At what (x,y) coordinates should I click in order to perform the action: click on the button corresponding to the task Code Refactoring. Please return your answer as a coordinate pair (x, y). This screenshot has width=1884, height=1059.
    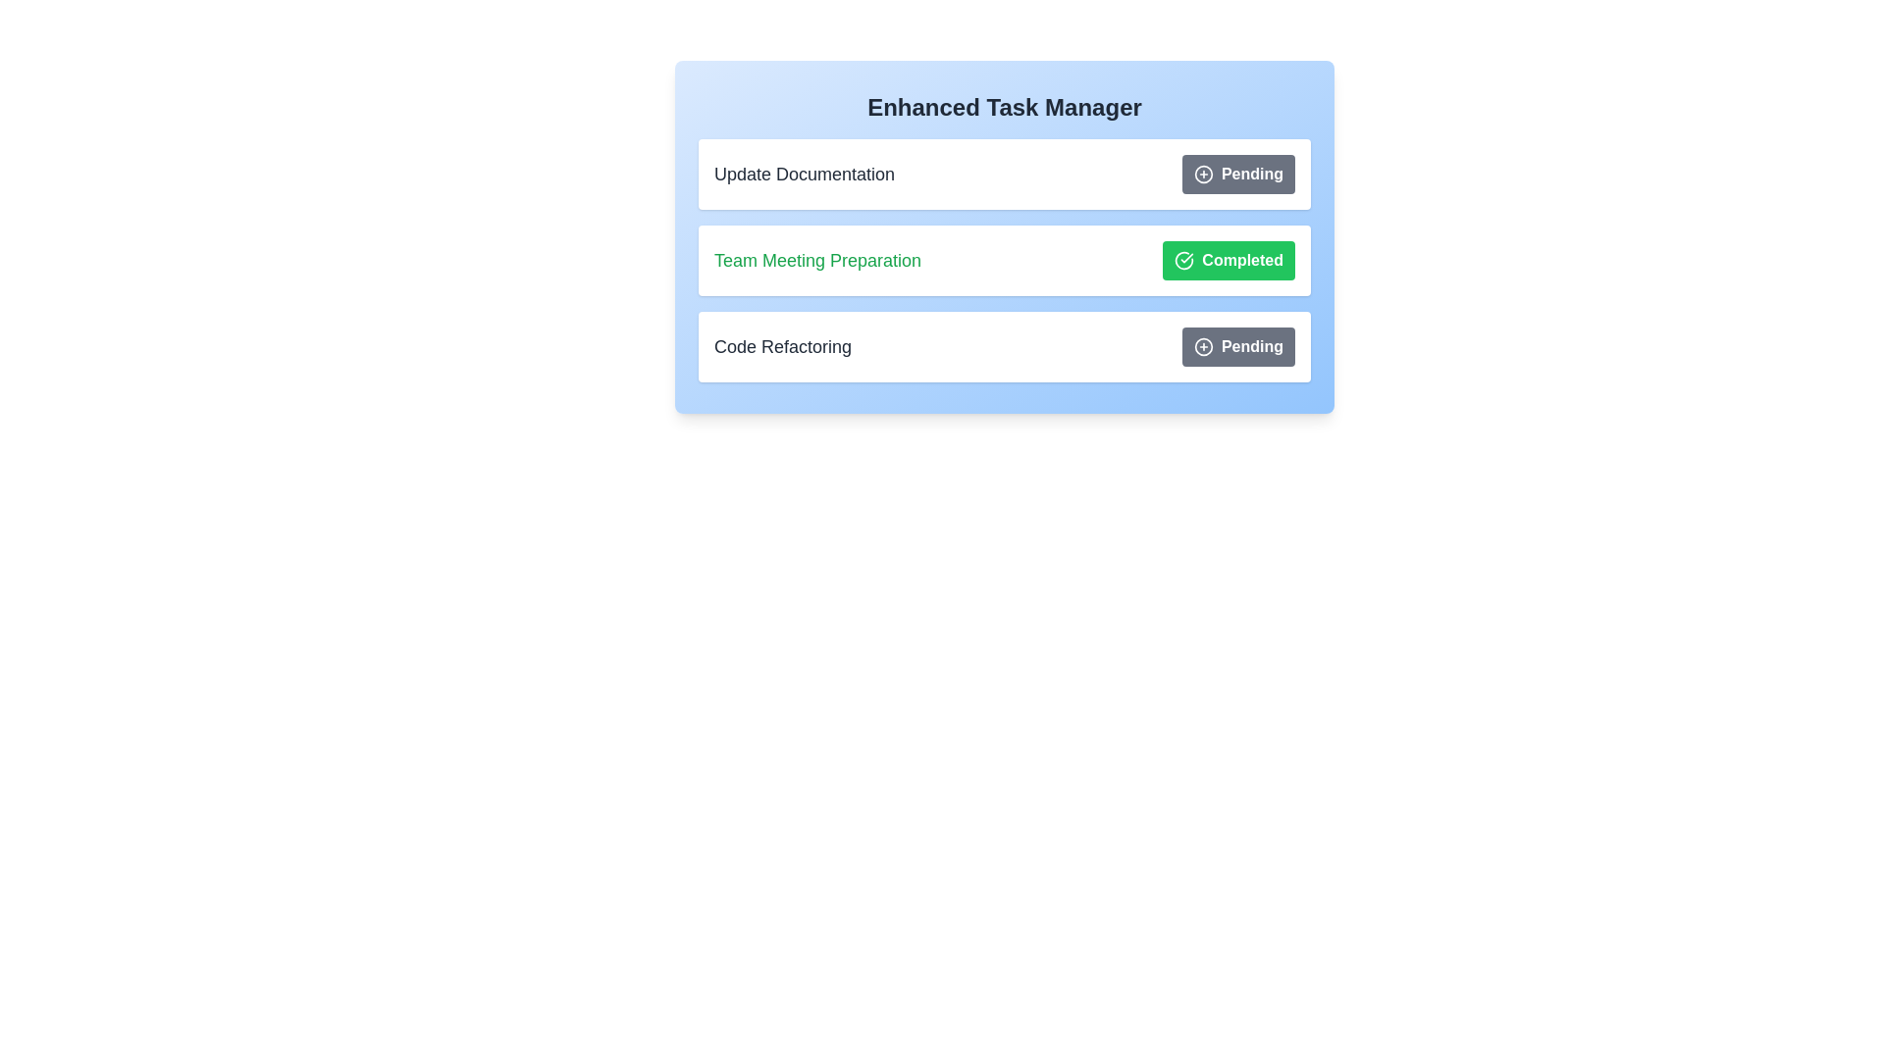
    Looking at the image, I should click on (1237, 346).